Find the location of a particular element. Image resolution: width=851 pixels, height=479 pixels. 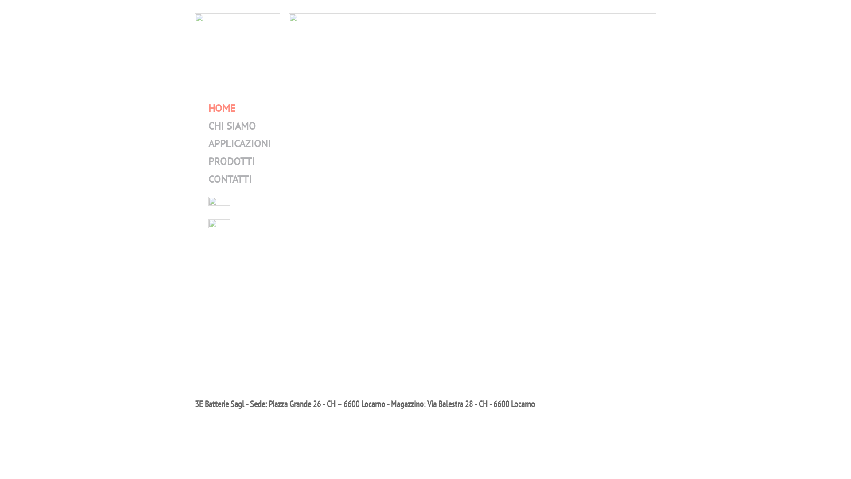

'PRODOTTI' is located at coordinates (231, 161).